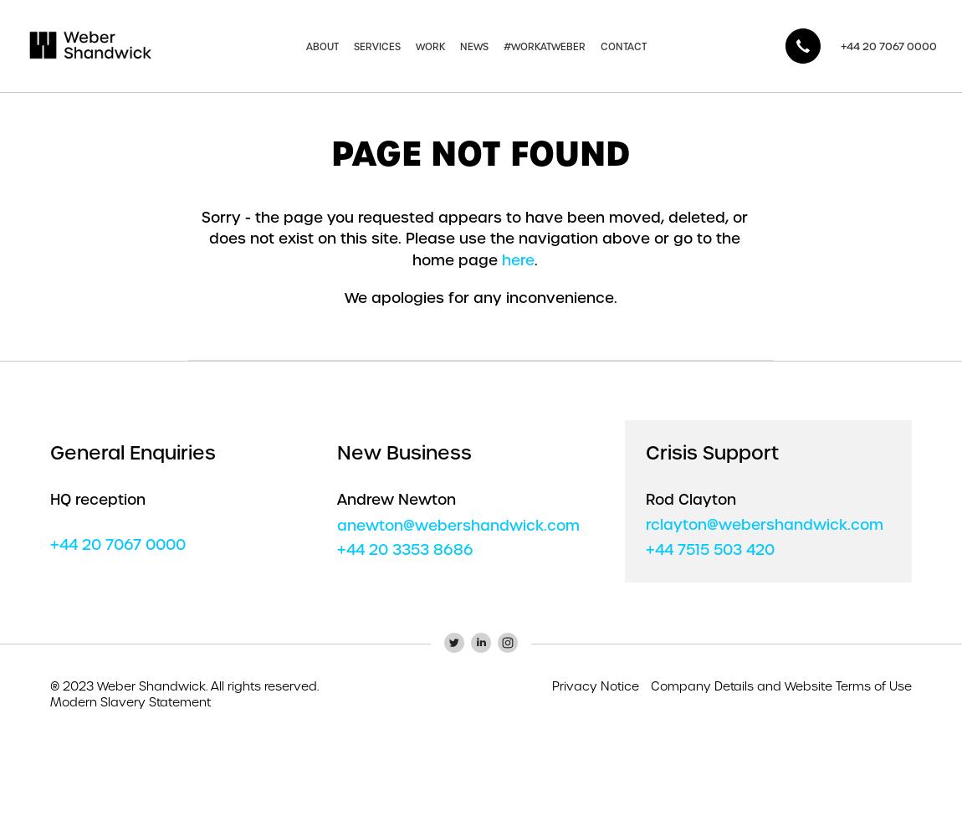 The image size is (962, 837). I want to click on 'NEWS', so click(473, 46).